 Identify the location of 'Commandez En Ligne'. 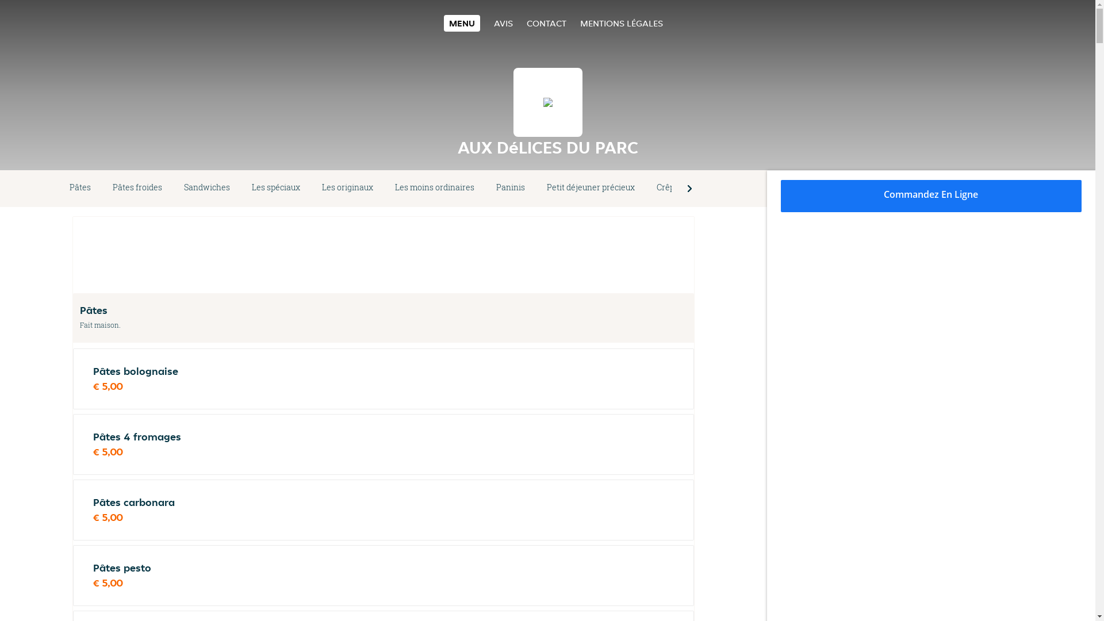
(931, 195).